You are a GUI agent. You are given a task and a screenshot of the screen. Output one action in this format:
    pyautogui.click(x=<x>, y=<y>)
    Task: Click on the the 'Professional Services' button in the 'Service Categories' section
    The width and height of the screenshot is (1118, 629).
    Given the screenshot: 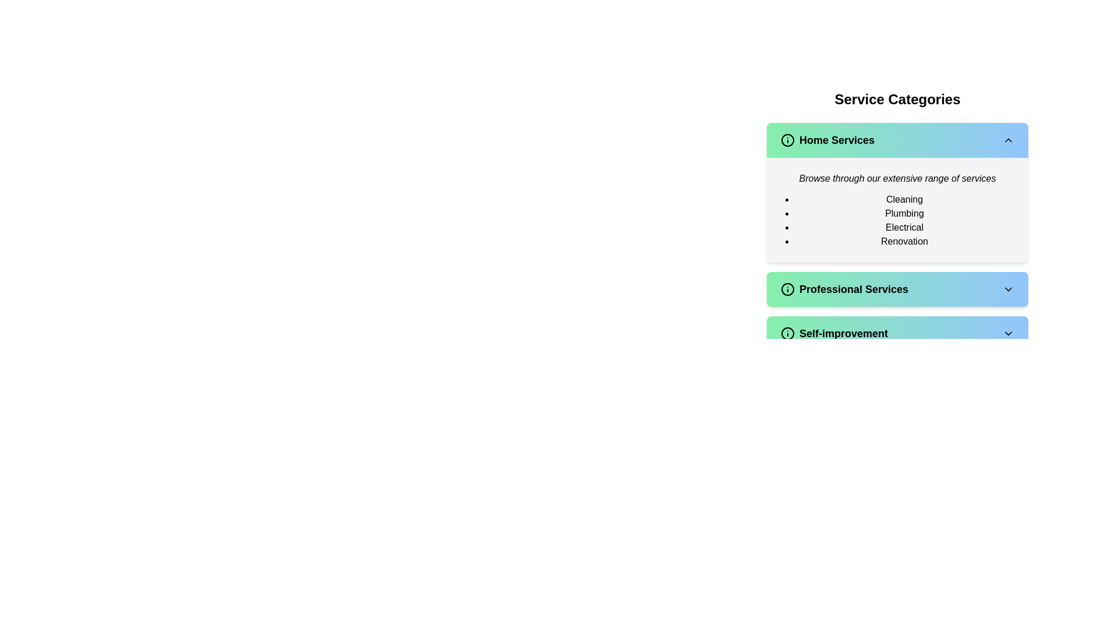 What is the action you would take?
    pyautogui.click(x=897, y=289)
    